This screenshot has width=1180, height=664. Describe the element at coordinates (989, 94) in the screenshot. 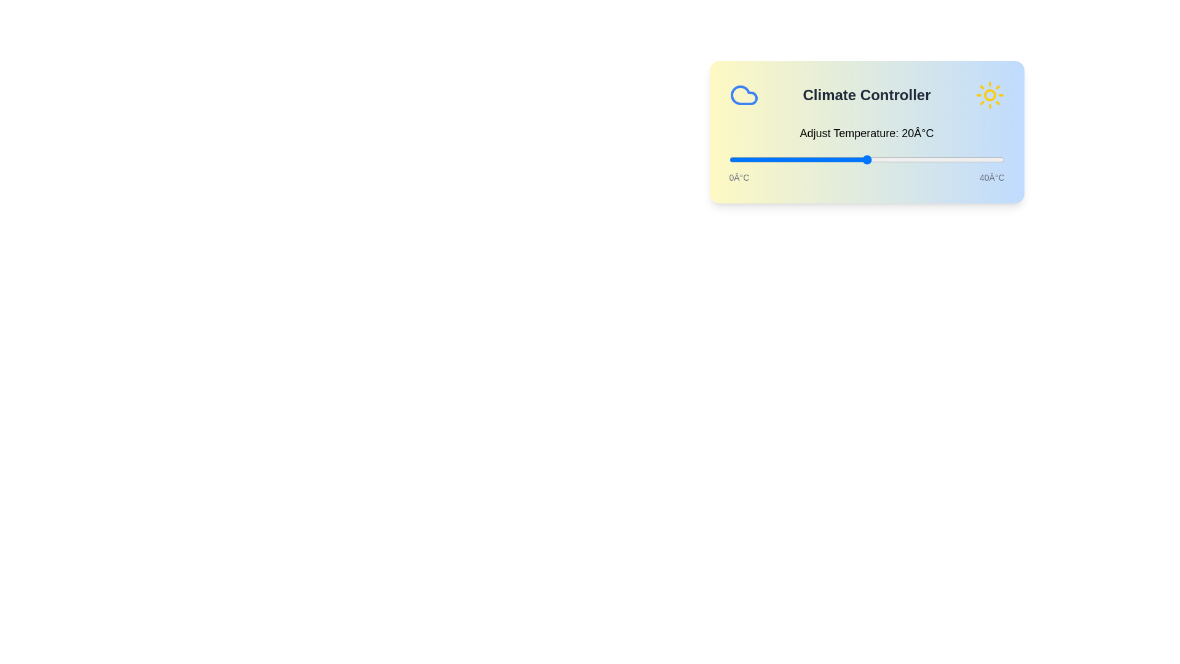

I see `the sun icon to toggle to night mode` at that location.